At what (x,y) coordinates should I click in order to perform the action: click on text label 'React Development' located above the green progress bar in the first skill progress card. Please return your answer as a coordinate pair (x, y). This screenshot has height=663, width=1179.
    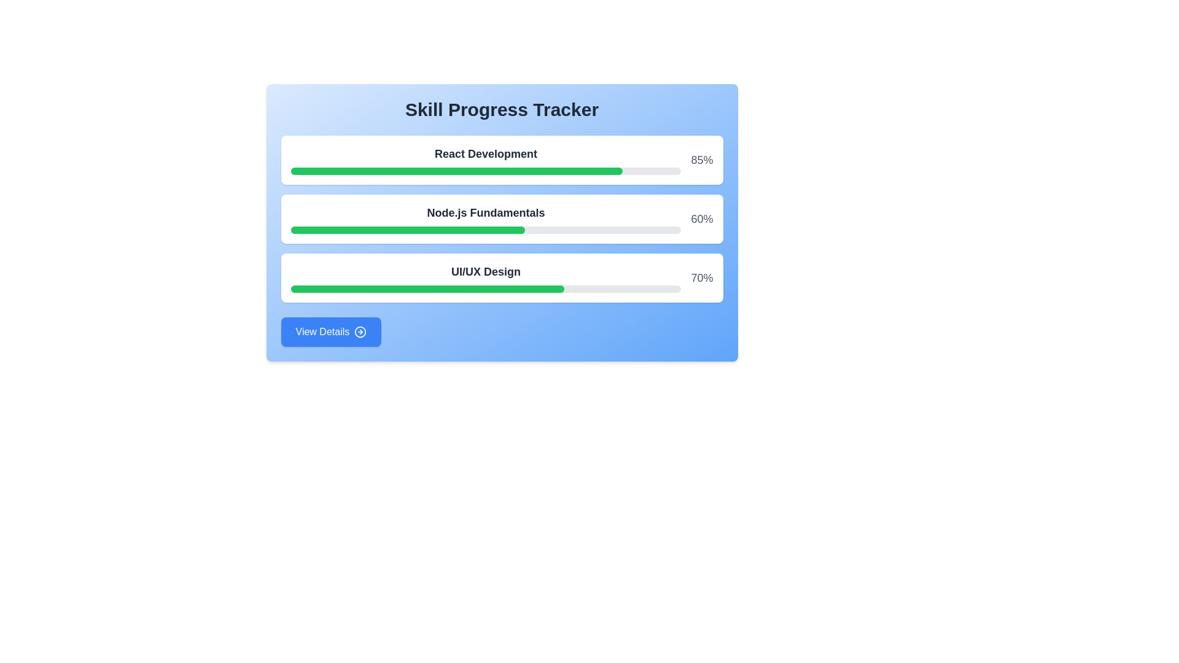
    Looking at the image, I should click on (485, 160).